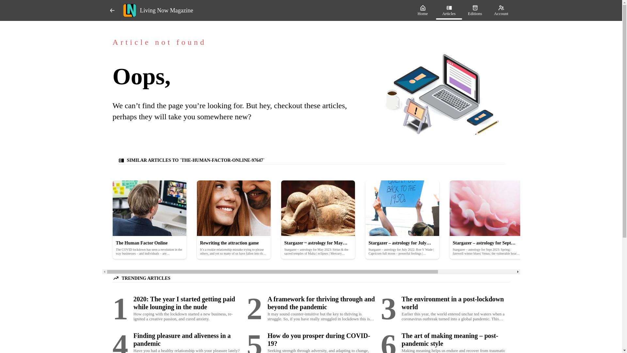 Image resolution: width=627 pixels, height=353 pixels. What do you see at coordinates (120, 10) in the screenshot?
I see `'Living Now Magazine'` at bounding box center [120, 10].